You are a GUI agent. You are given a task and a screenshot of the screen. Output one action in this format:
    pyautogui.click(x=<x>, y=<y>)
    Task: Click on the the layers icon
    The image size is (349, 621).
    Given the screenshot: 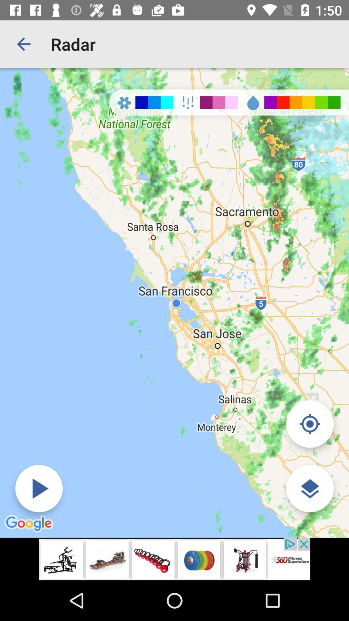 What is the action you would take?
    pyautogui.click(x=310, y=488)
    